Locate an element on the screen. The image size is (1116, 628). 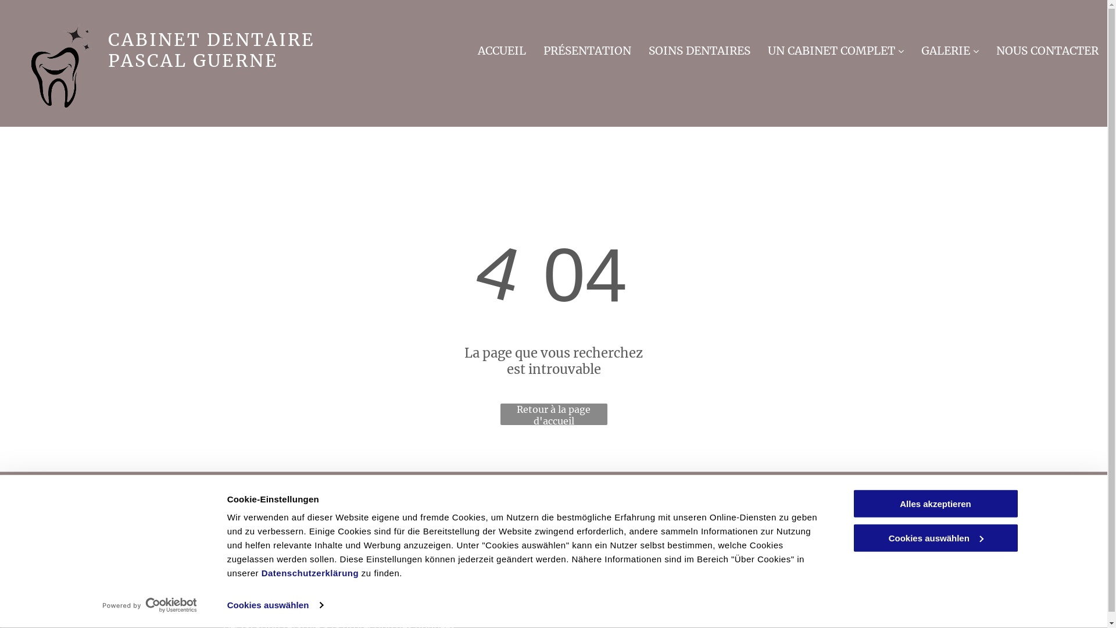
'SOINS DENTAIRES' is located at coordinates (648, 48).